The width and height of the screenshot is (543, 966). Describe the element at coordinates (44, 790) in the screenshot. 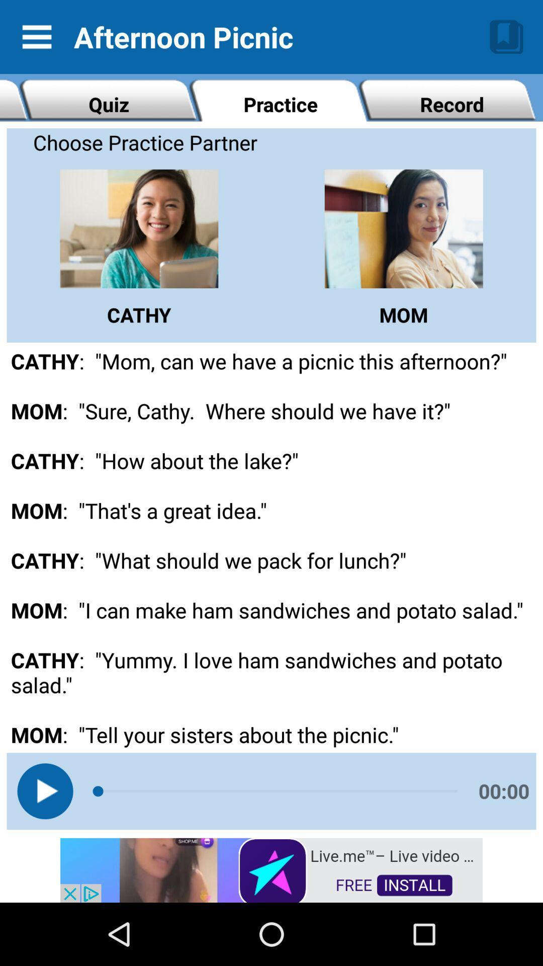

I see `the play icon` at that location.